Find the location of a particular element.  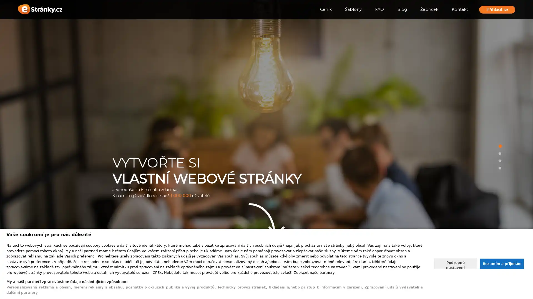

Vytvorit stranky is located at coordinates (369, 272).